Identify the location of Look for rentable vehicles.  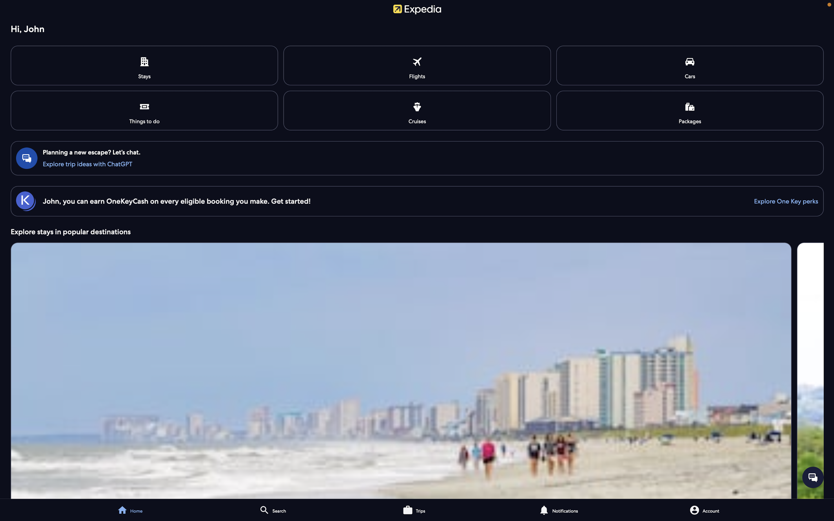
(690, 65).